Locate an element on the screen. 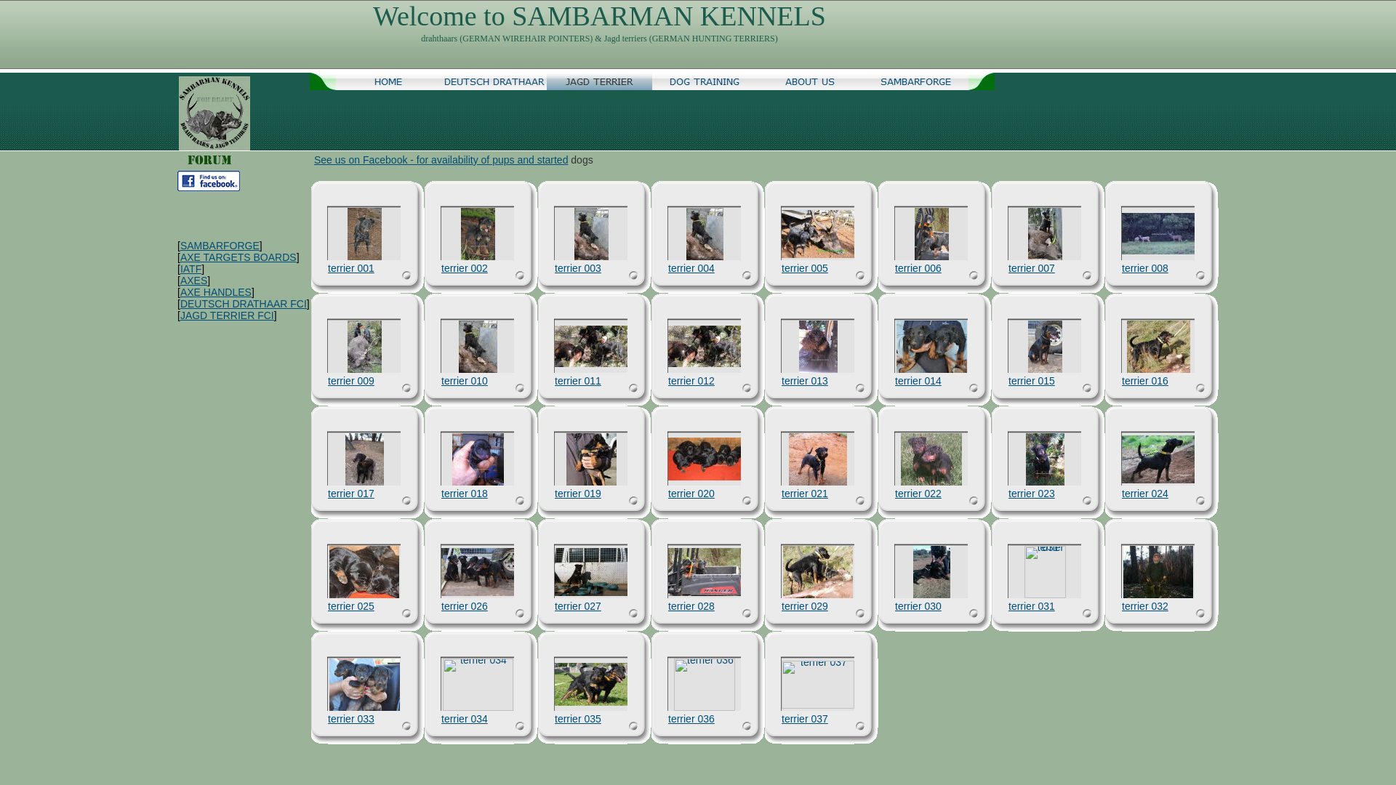  'terrier 012' is located at coordinates (667, 346).